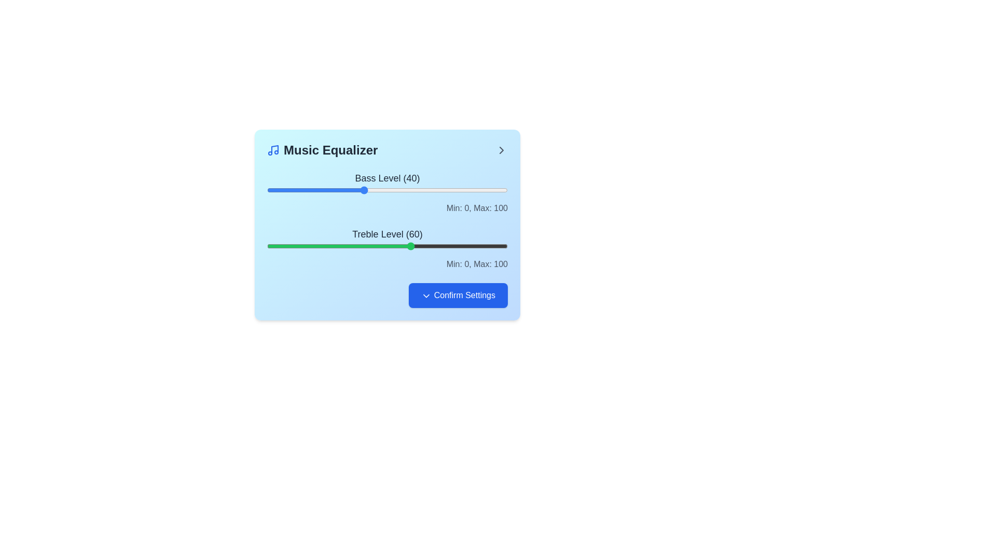 The height and width of the screenshot is (560, 996). Describe the element at coordinates (448, 190) in the screenshot. I see `the Bass Level slider` at that location.